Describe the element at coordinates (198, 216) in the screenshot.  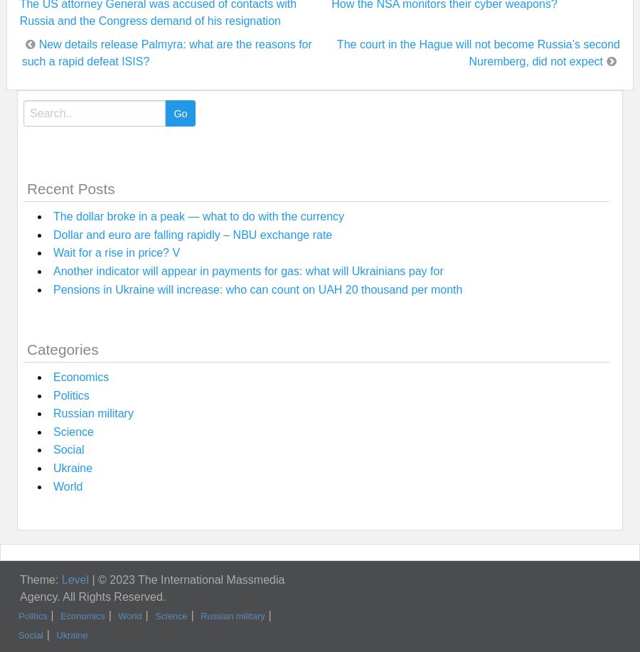
I see `'The dollar broke in a peak — what to do with the currency'` at that location.